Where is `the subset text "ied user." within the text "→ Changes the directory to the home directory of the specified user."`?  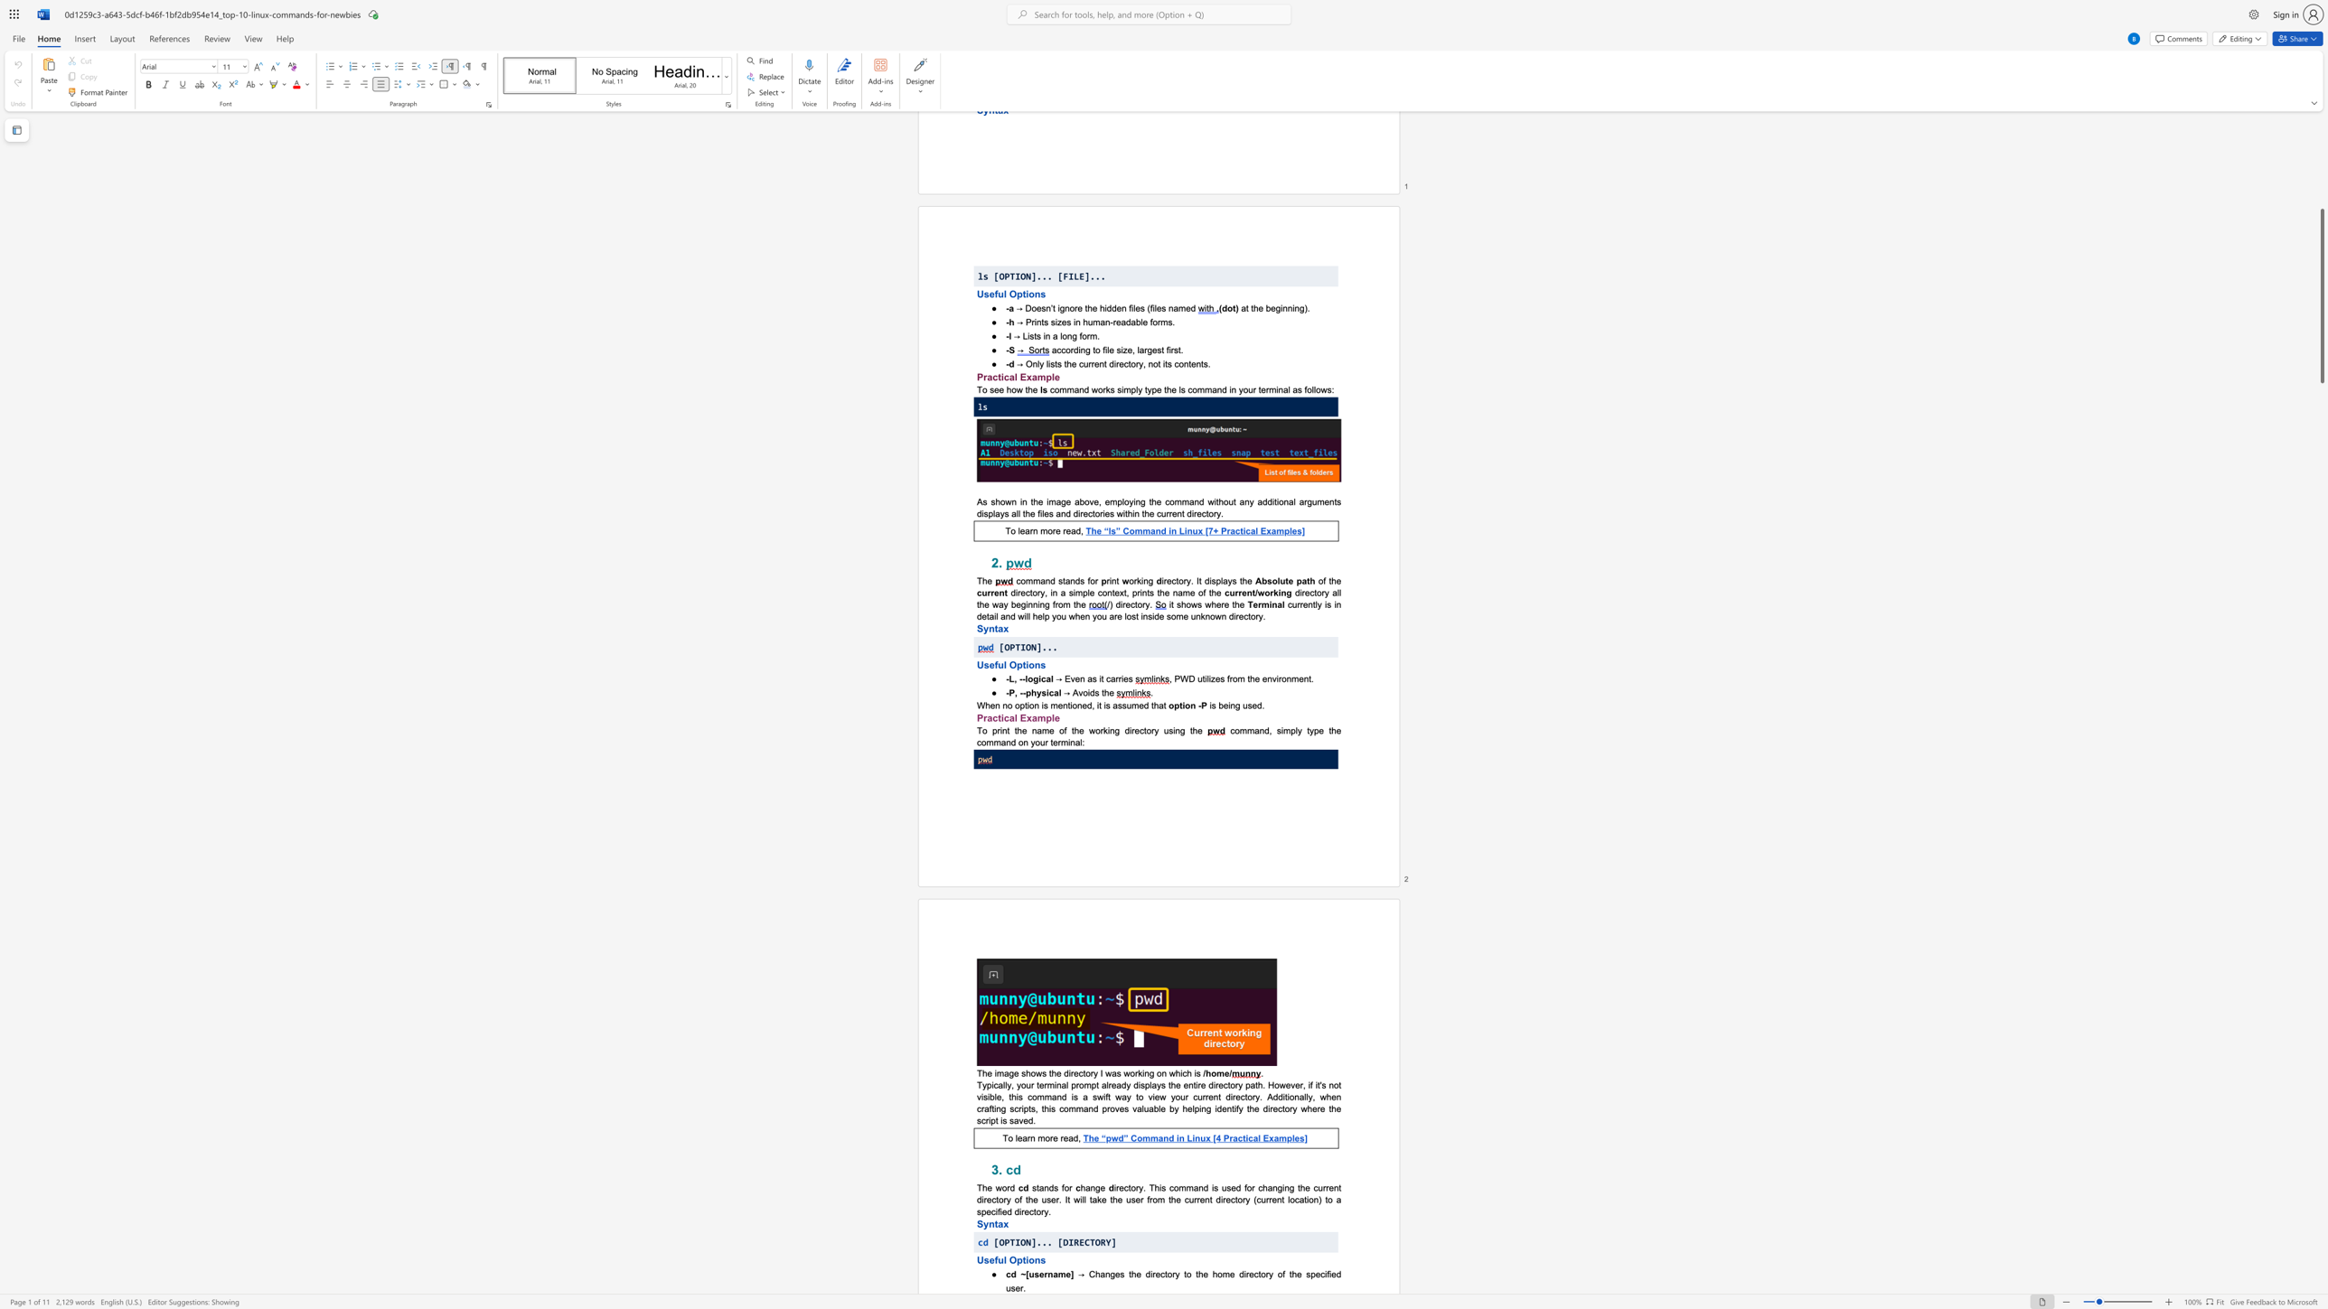 the subset text "ied user." within the text "→ Changes the directory to the home directory of the specified user." is located at coordinates (1328, 1273).